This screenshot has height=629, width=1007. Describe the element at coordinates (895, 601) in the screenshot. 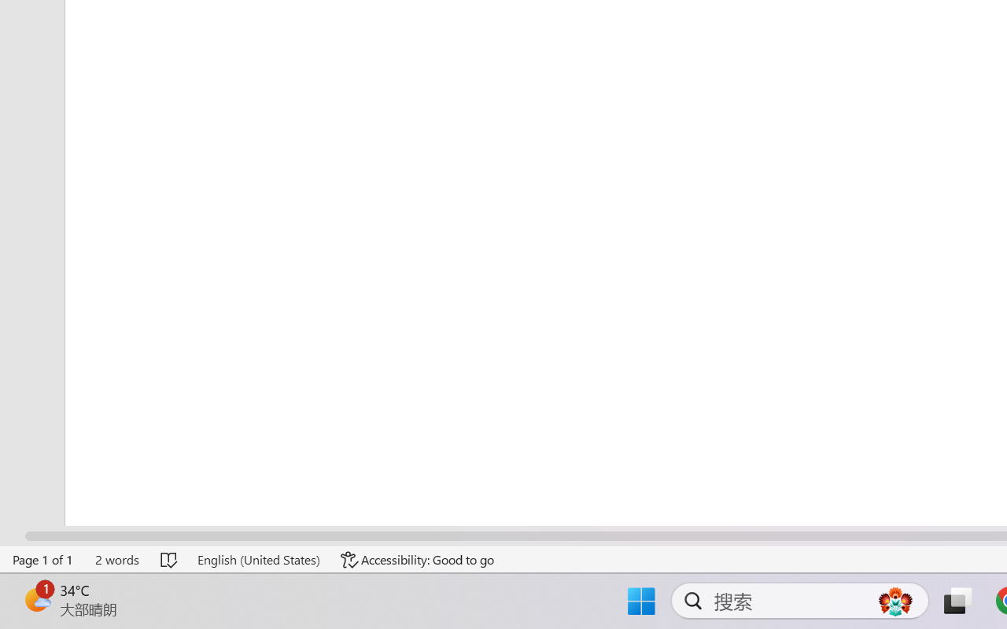

I see `'AutomationID: DynamicSearchBoxGleamImage'` at that location.